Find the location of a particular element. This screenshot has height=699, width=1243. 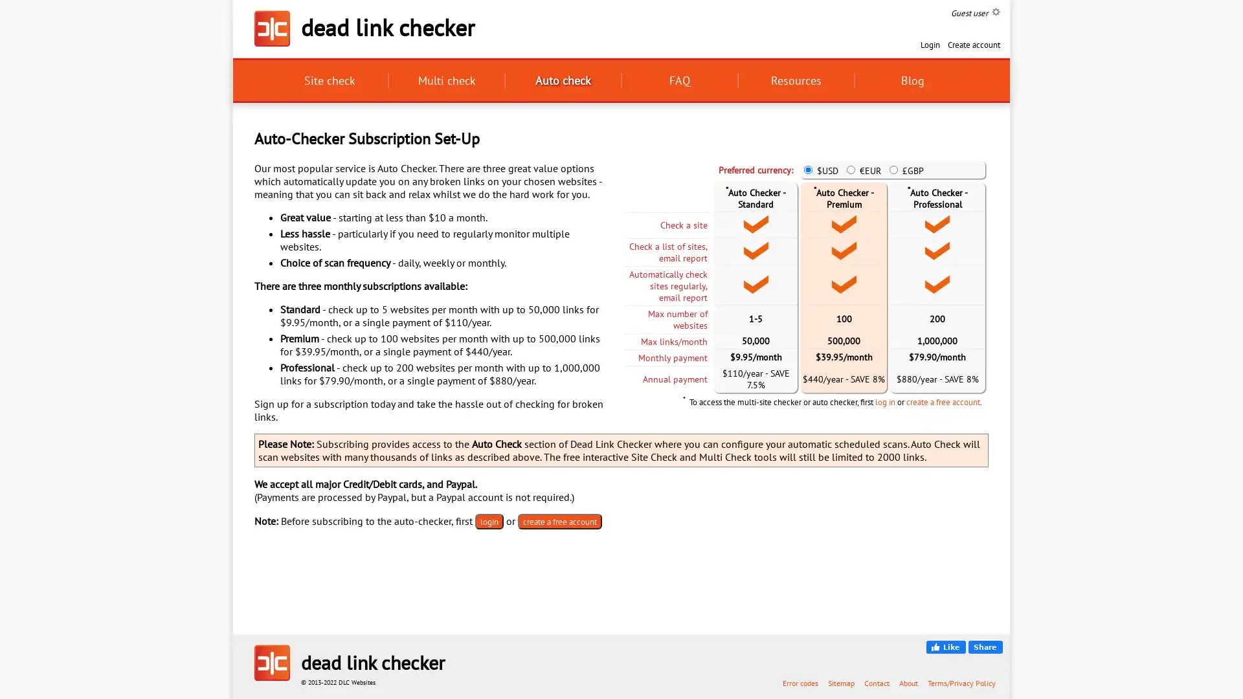

login is located at coordinates (488, 521).